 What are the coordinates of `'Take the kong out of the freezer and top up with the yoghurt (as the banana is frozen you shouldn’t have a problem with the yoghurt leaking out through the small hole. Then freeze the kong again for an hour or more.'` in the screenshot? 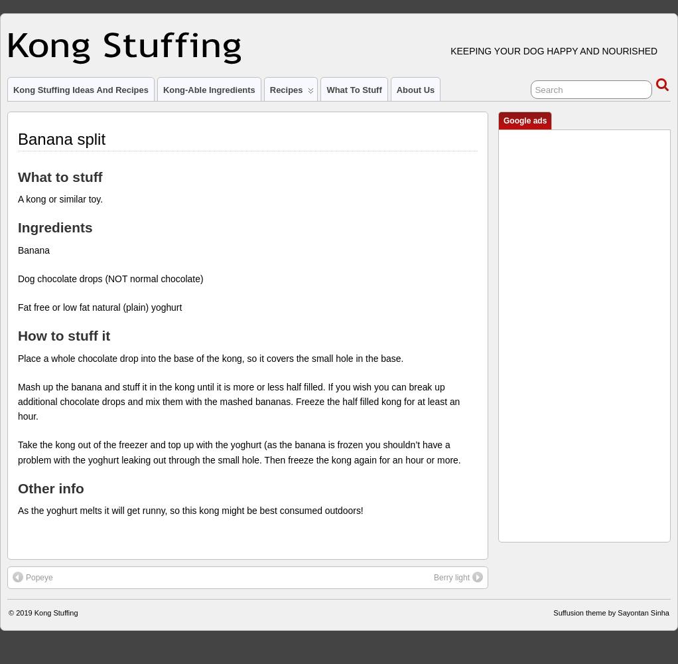 It's located at (17, 452).